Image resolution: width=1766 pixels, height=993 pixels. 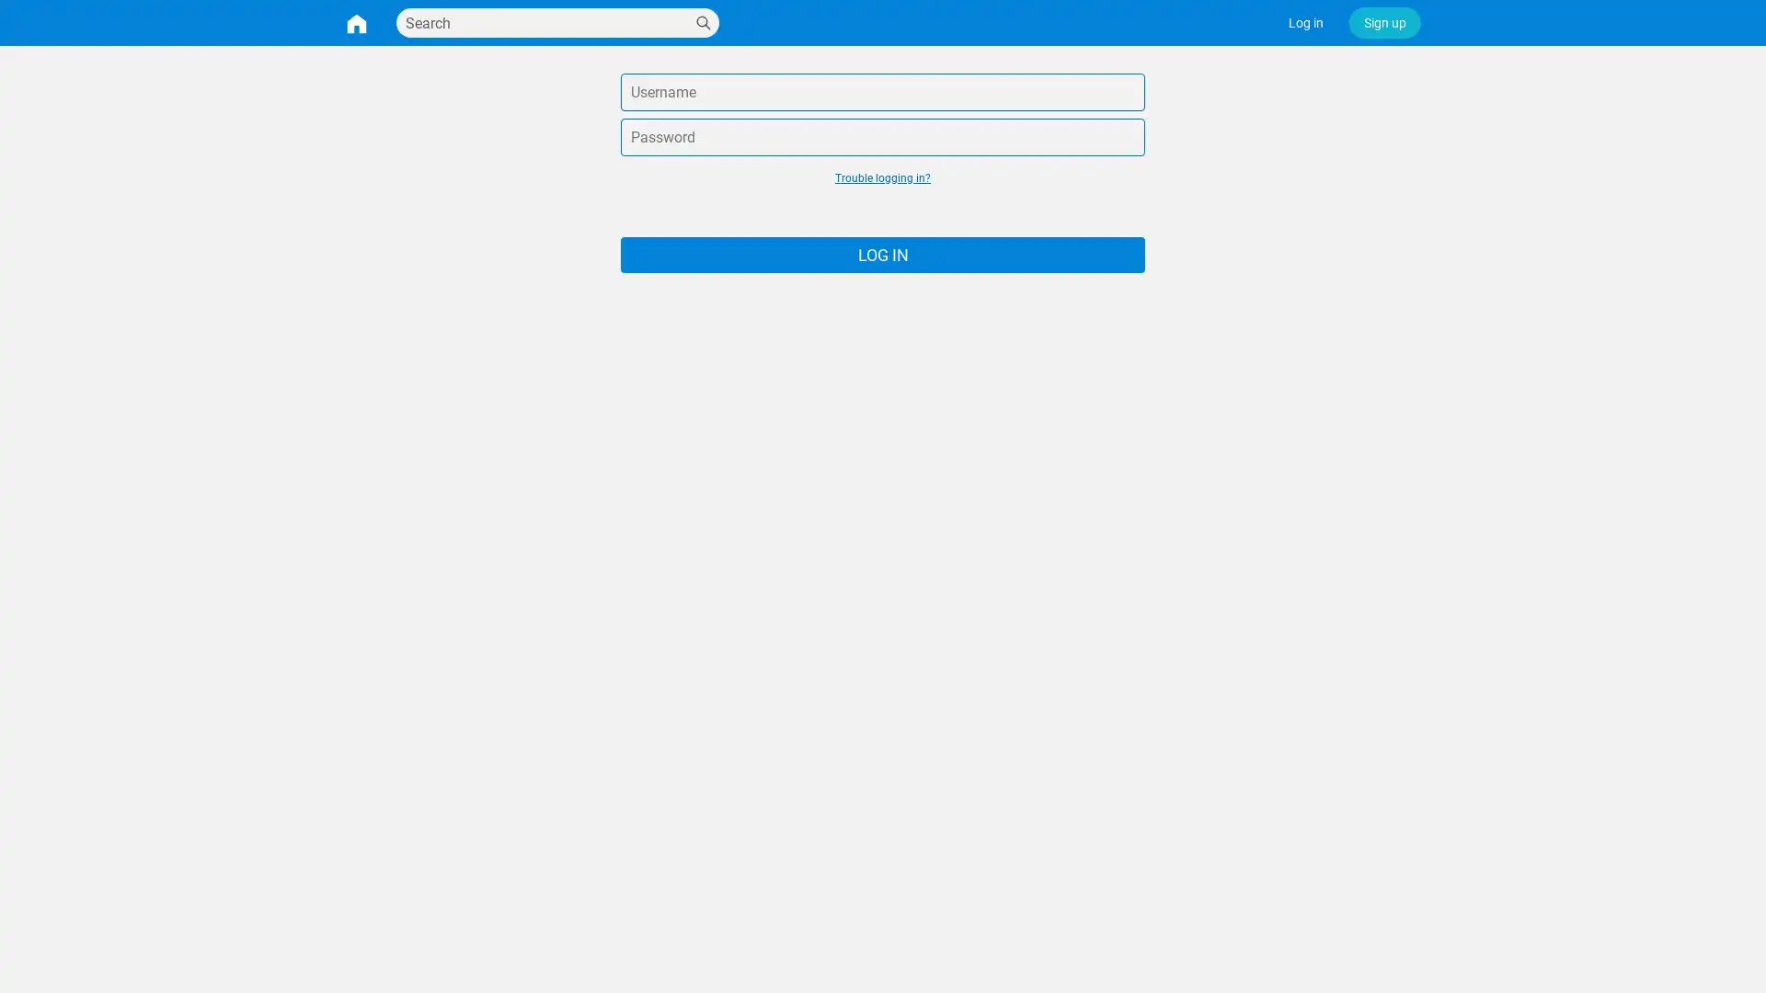 What do you see at coordinates (1128, 136) in the screenshot?
I see `Show password` at bounding box center [1128, 136].